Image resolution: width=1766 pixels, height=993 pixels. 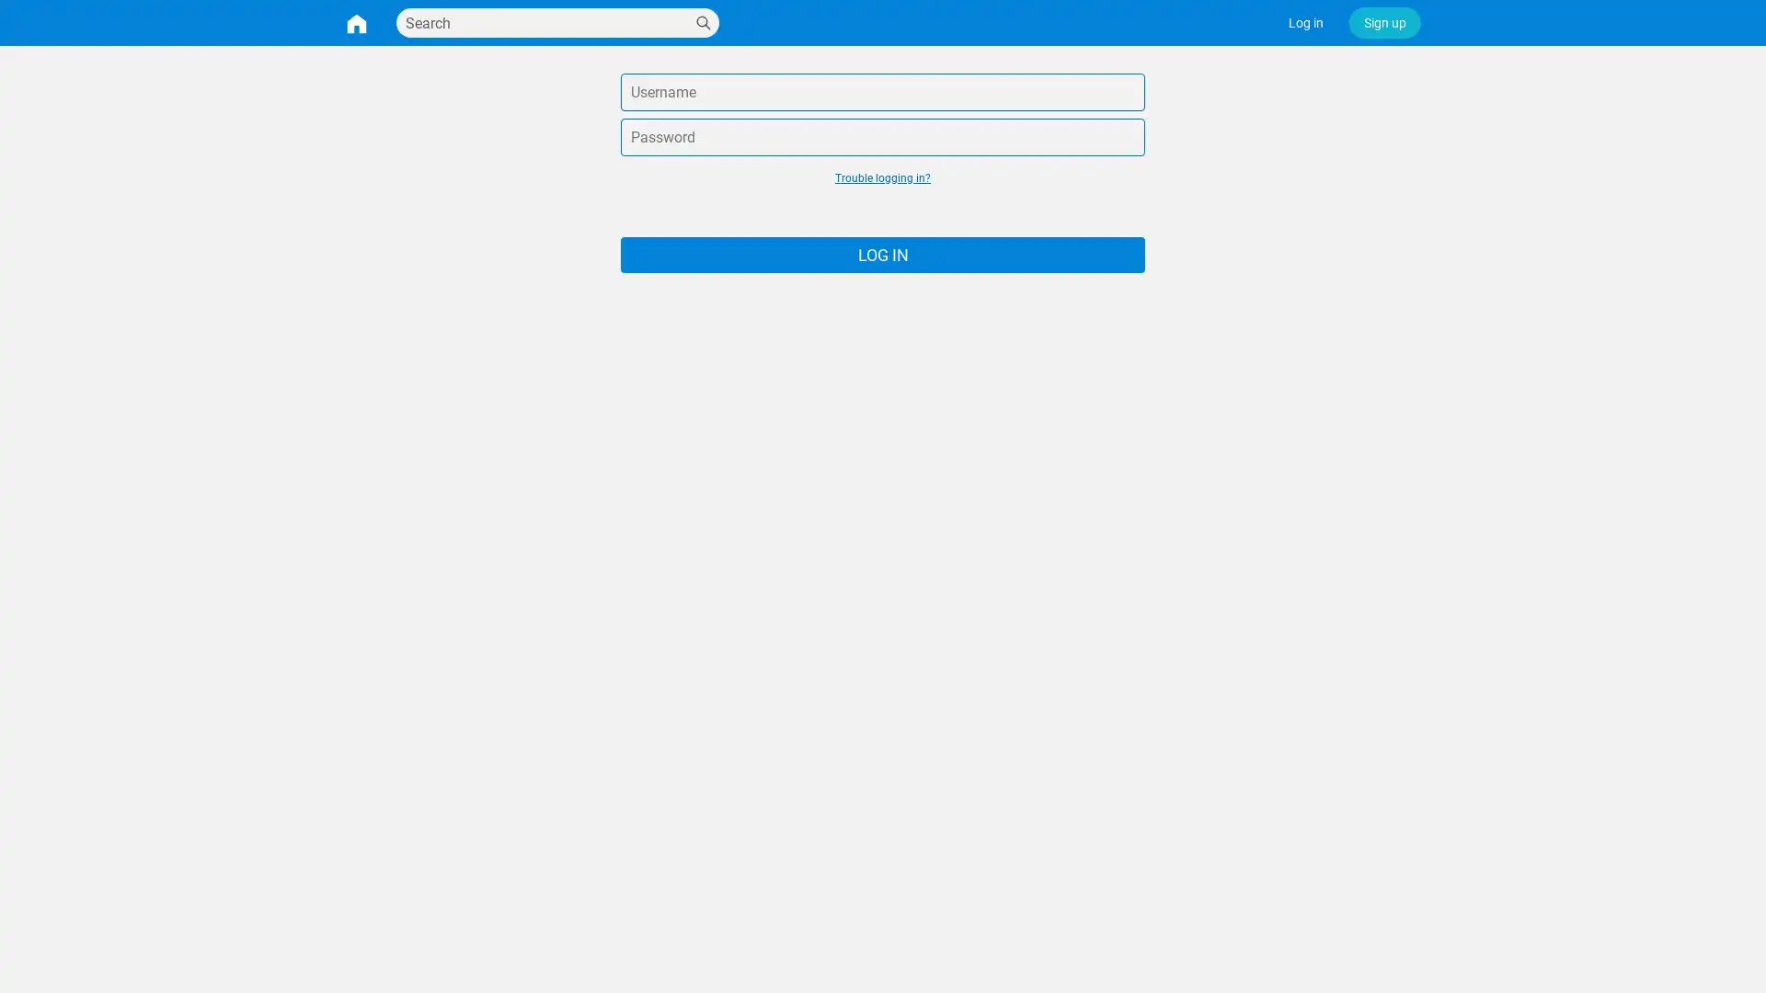 What do you see at coordinates (1128, 136) in the screenshot?
I see `Show password` at bounding box center [1128, 136].